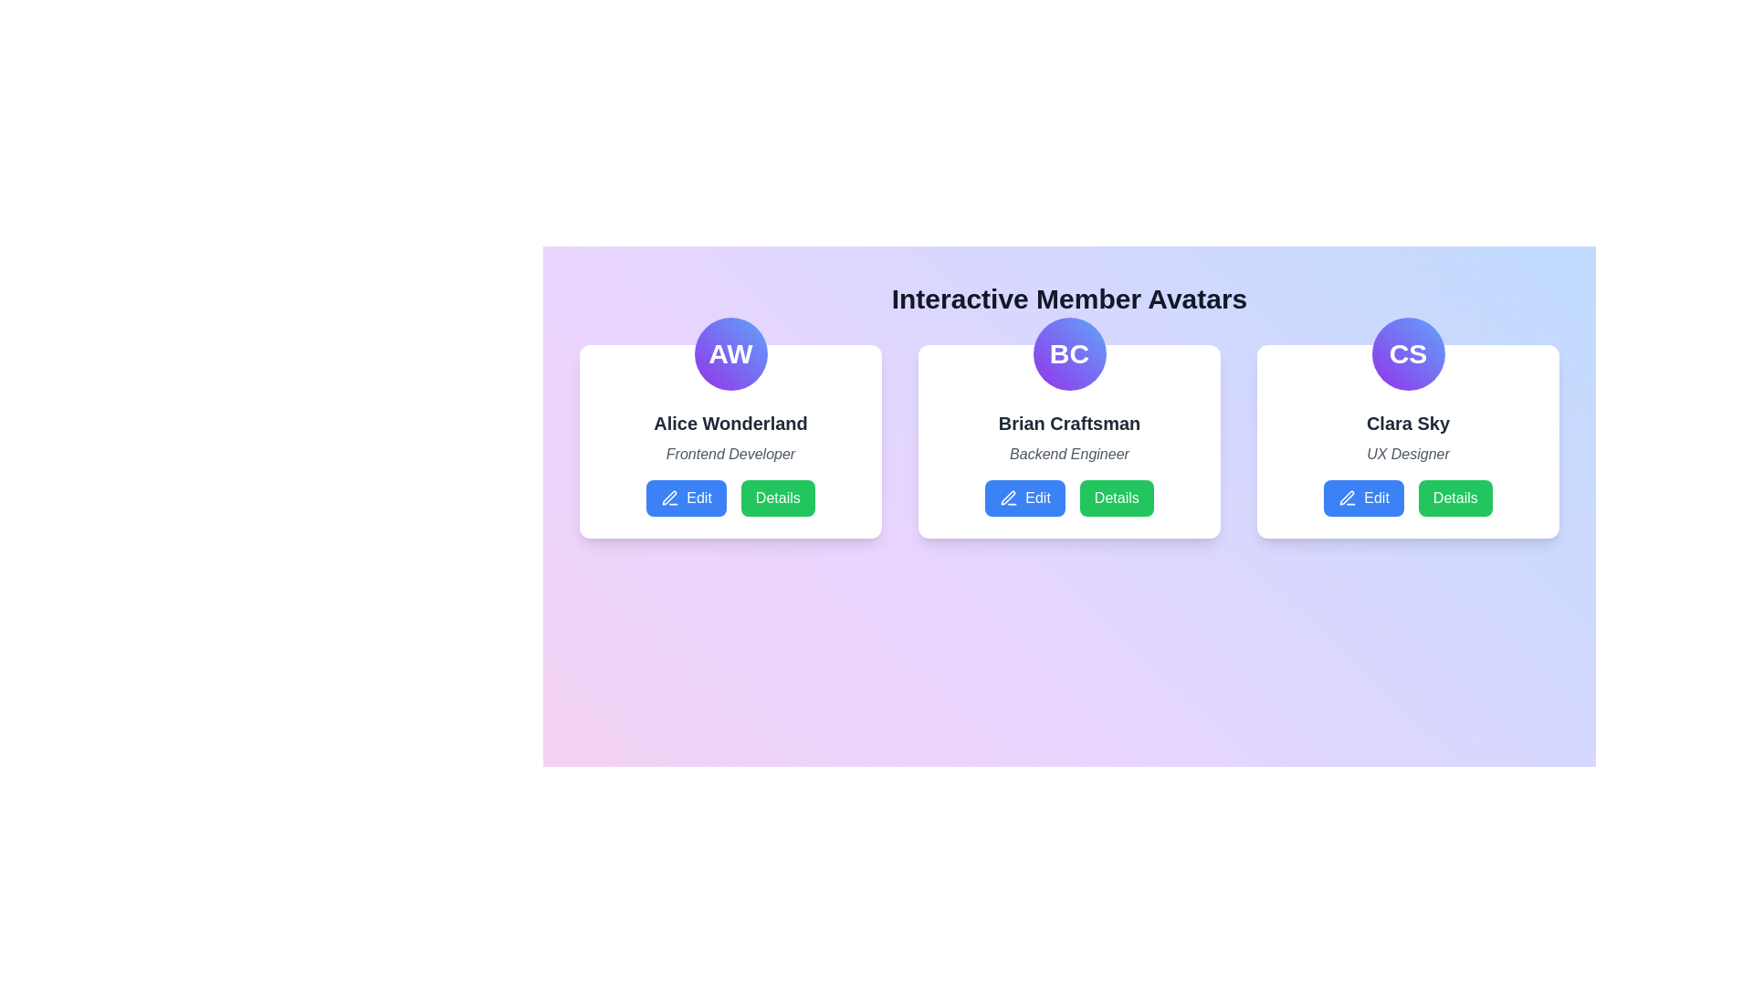 The width and height of the screenshot is (1753, 986). Describe the element at coordinates (730, 498) in the screenshot. I see `the 'Edit' and 'Details' buttons in the A group containing two buttons with blue and green backgrounds respectively, to observe their hover effects` at that location.